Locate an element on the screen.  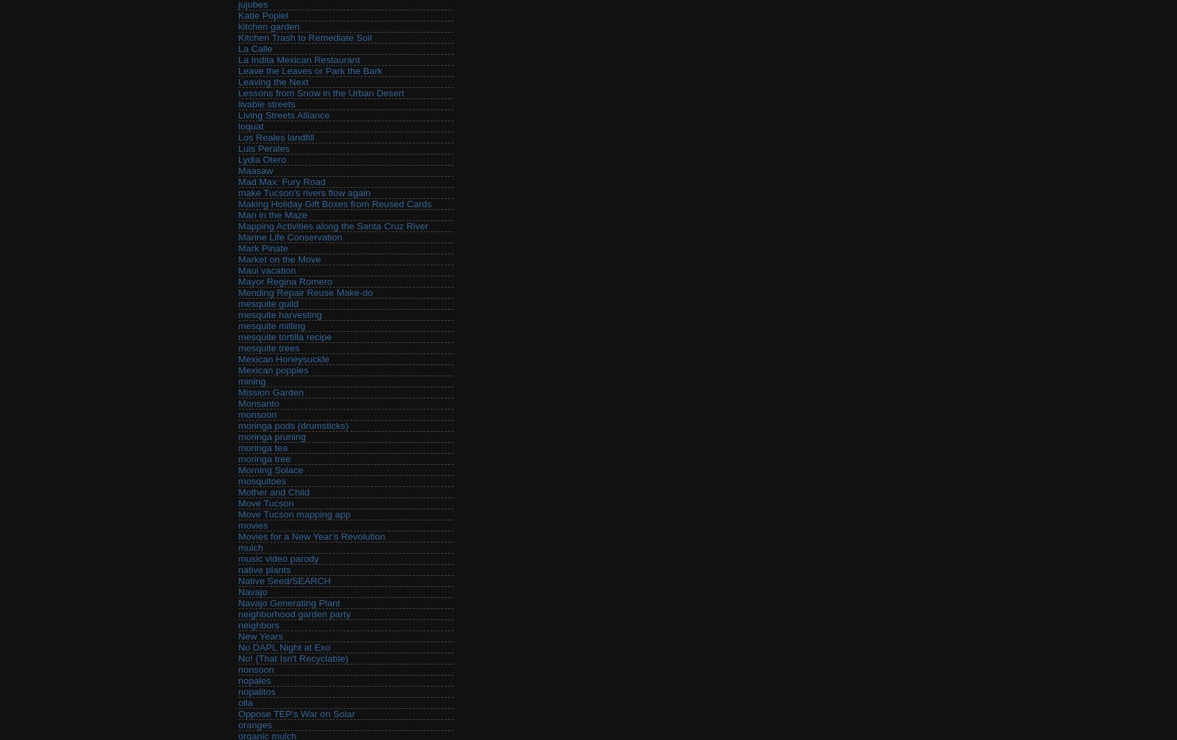
'nopales' is located at coordinates (254, 680).